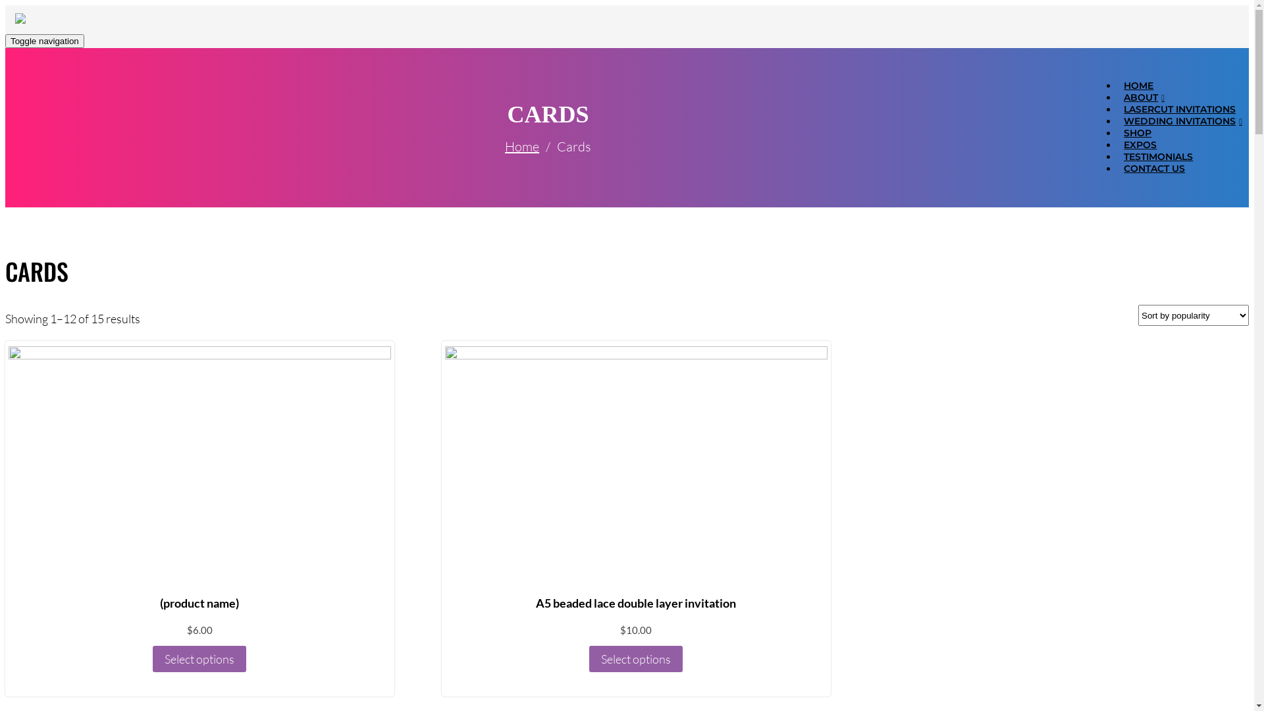 This screenshot has height=711, width=1264. What do you see at coordinates (198, 659) in the screenshot?
I see `'Select options'` at bounding box center [198, 659].